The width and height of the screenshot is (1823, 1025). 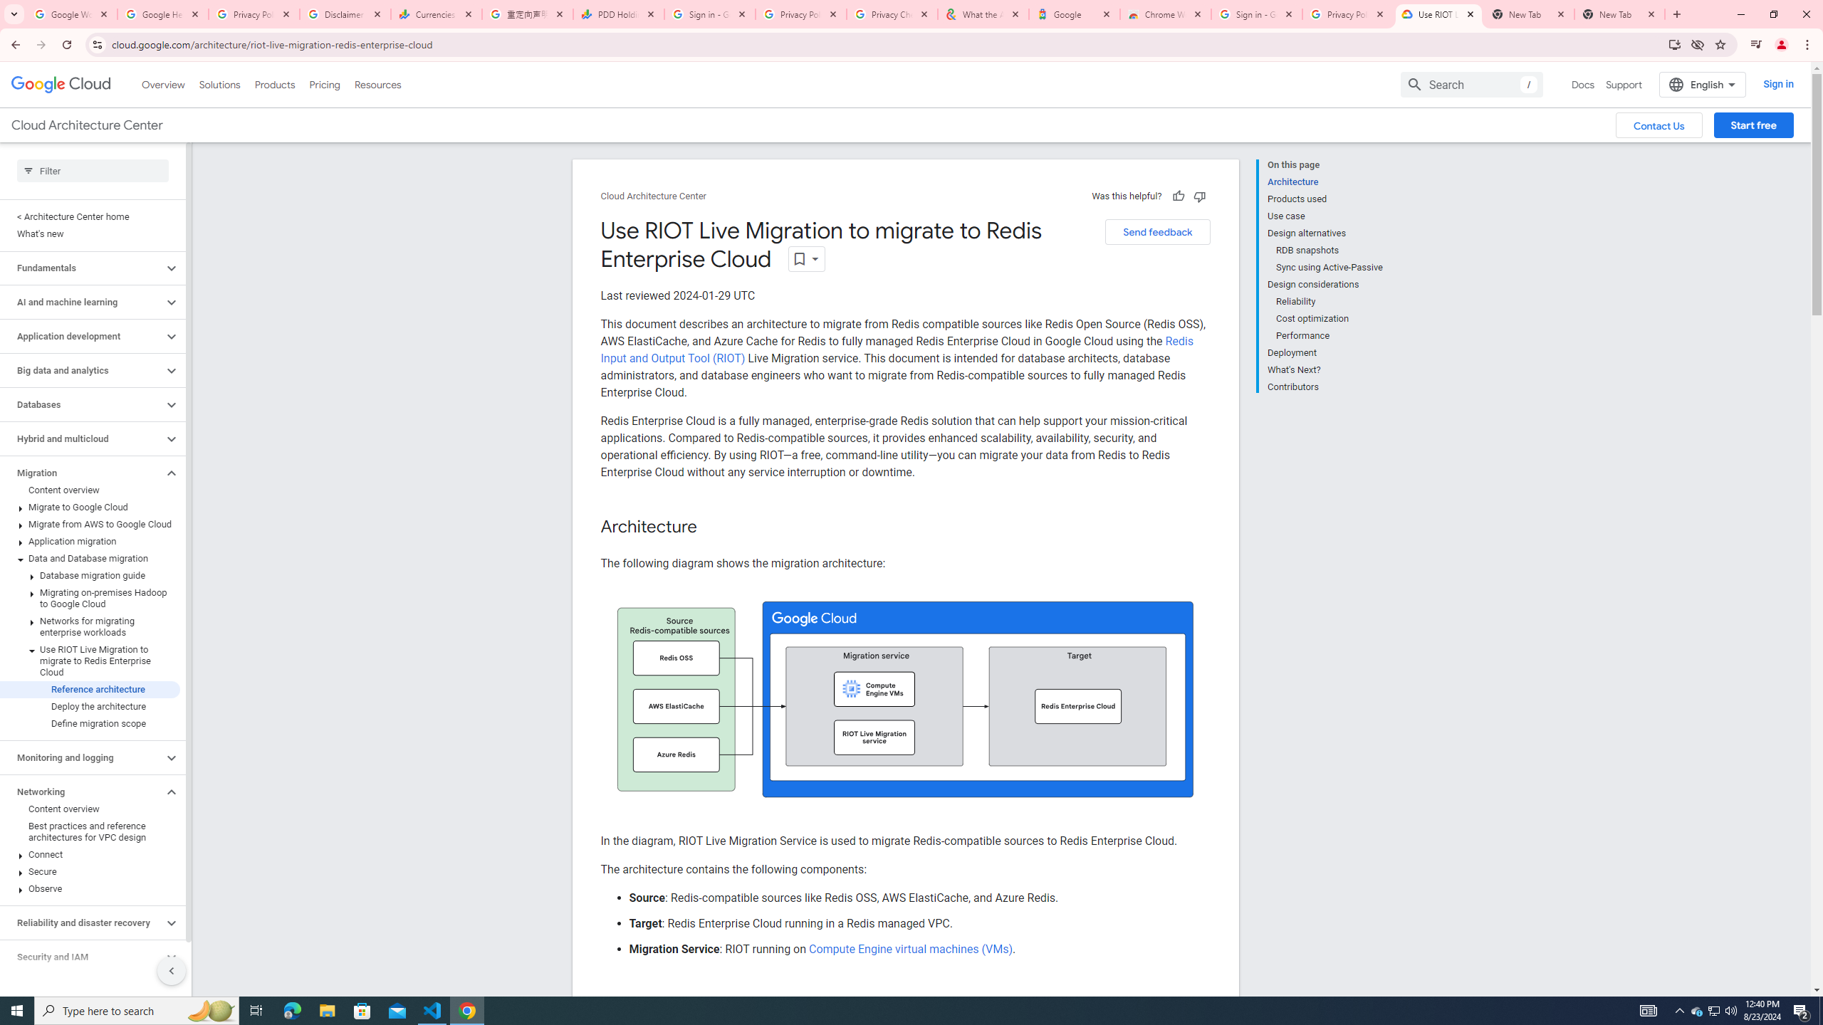 I want to click on 'Migration', so click(x=80, y=472).